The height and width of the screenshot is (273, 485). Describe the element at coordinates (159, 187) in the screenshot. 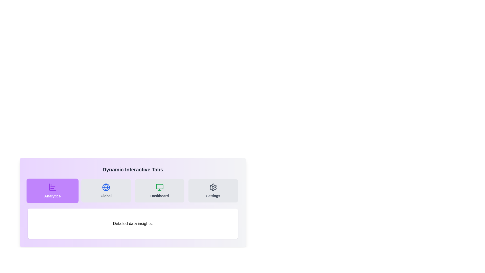

I see `the 'Dashboard' tab icon` at that location.